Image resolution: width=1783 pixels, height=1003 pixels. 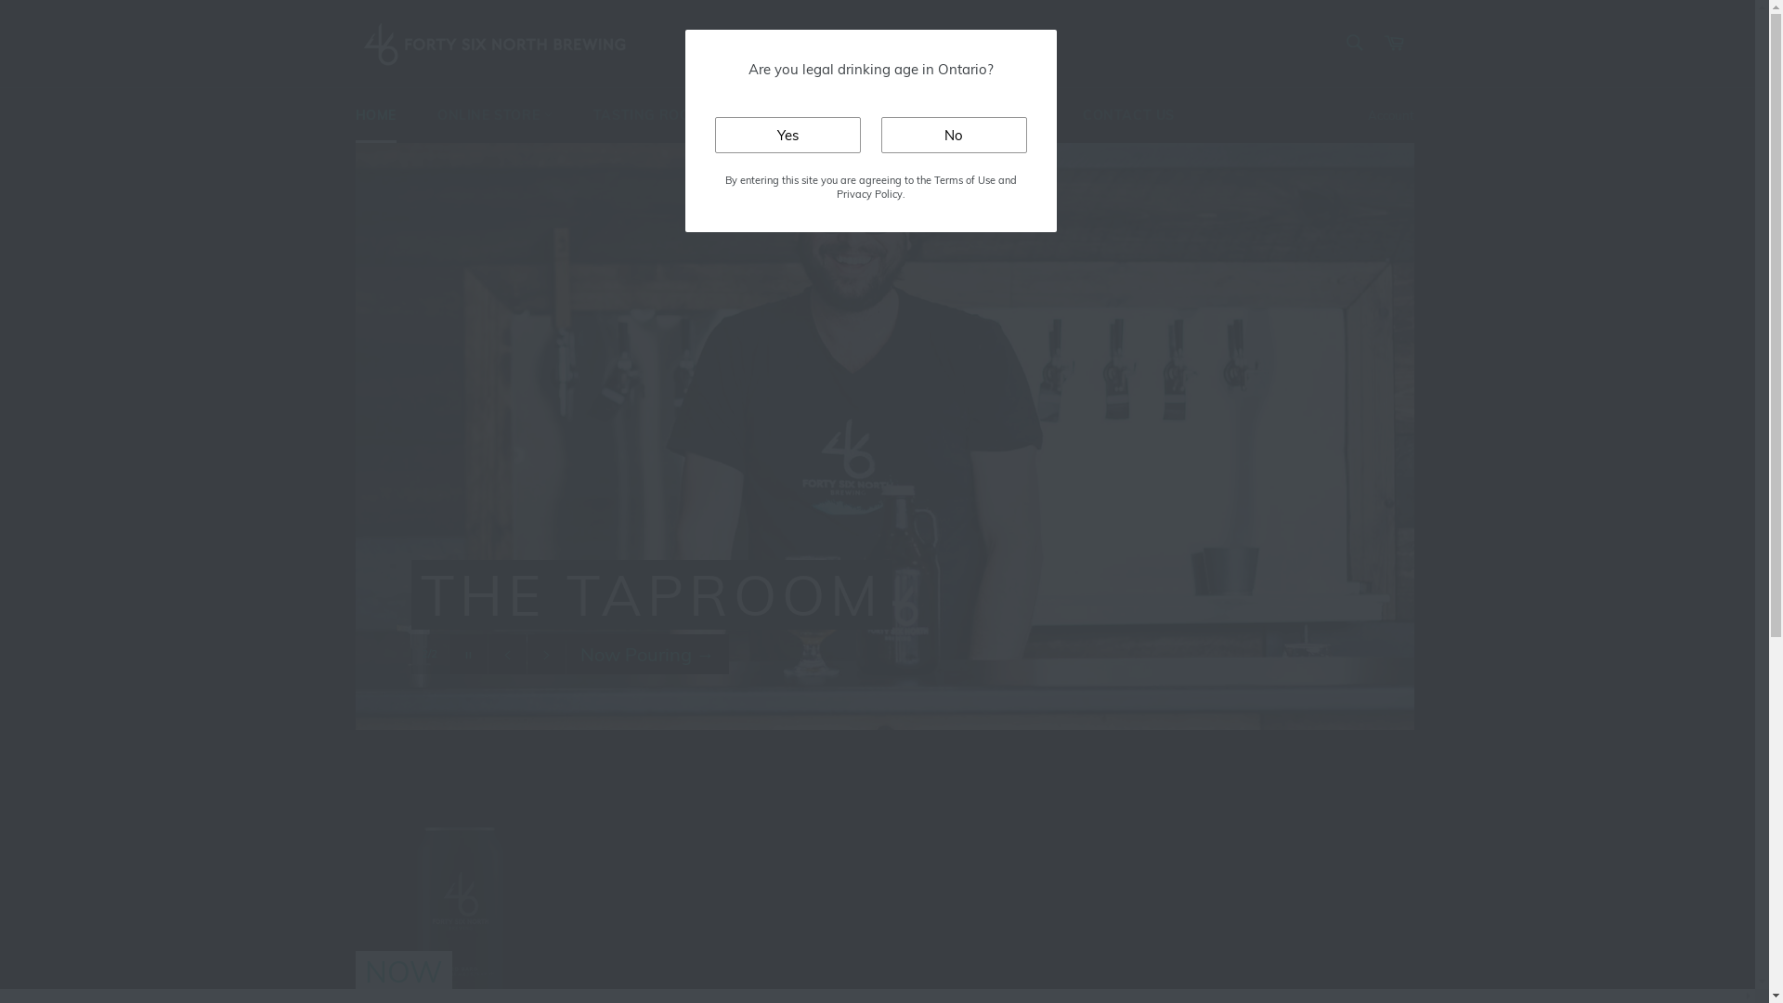 I want to click on 'ONLINE STORE', so click(x=494, y=115).